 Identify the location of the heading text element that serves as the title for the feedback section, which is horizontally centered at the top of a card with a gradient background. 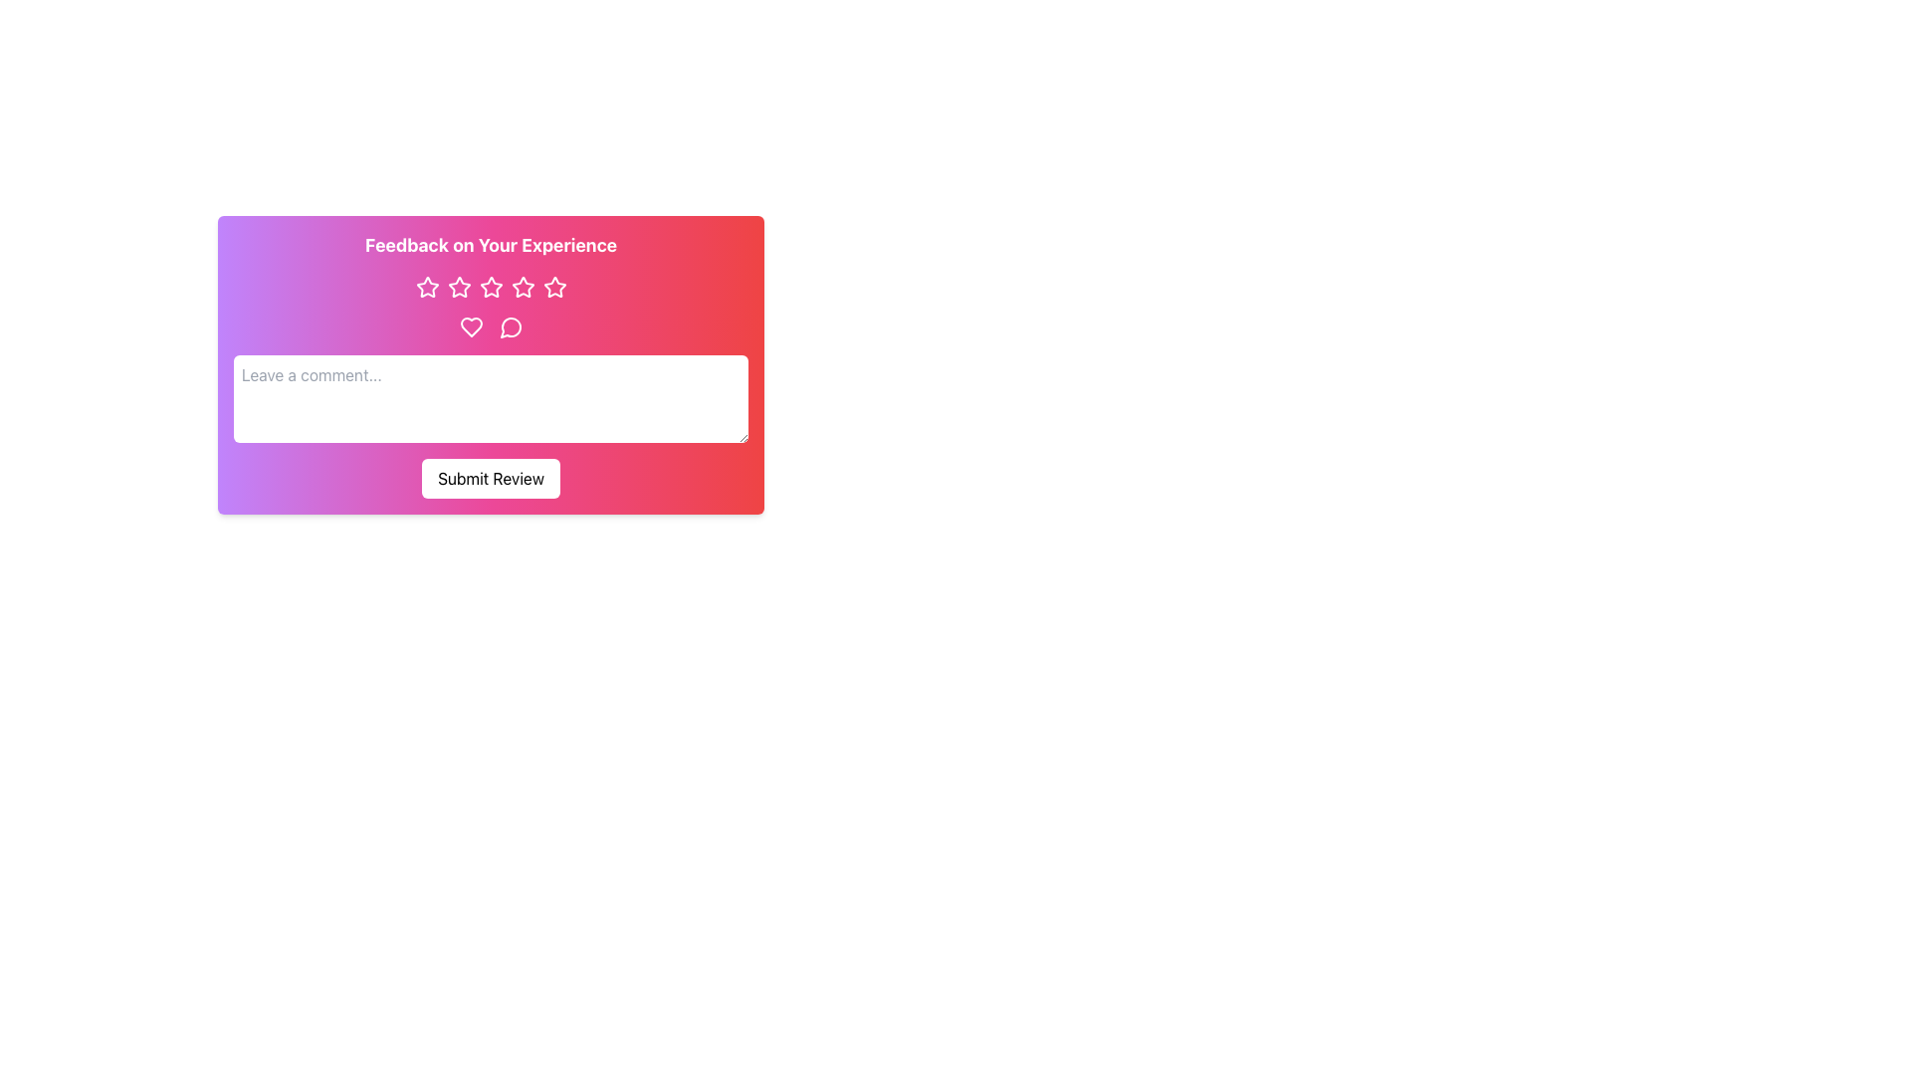
(491, 244).